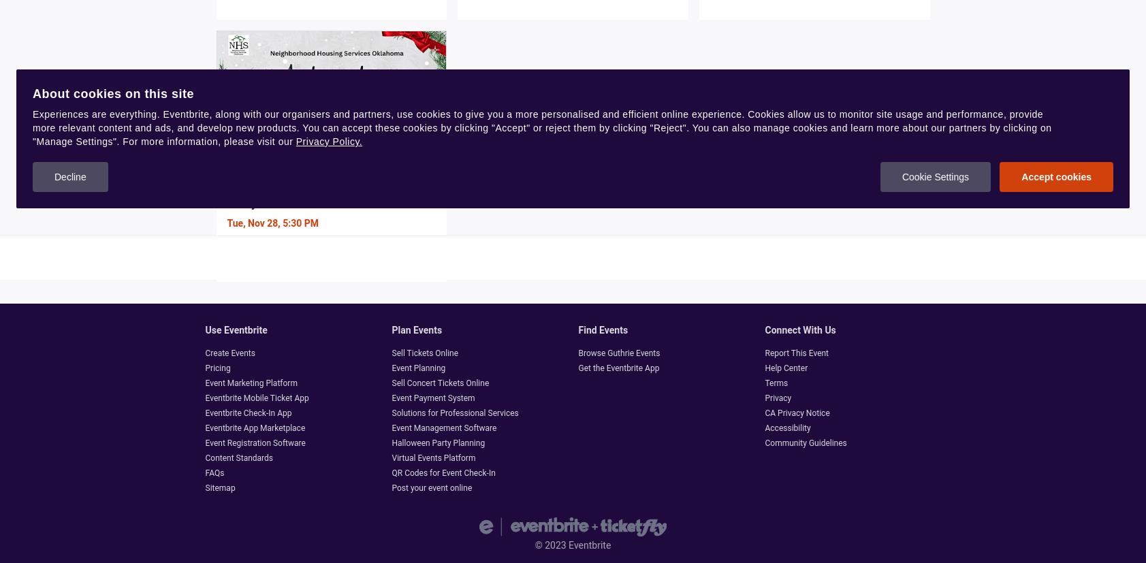 The image size is (1146, 563). I want to click on 'Accept cookies', so click(1056, 177).